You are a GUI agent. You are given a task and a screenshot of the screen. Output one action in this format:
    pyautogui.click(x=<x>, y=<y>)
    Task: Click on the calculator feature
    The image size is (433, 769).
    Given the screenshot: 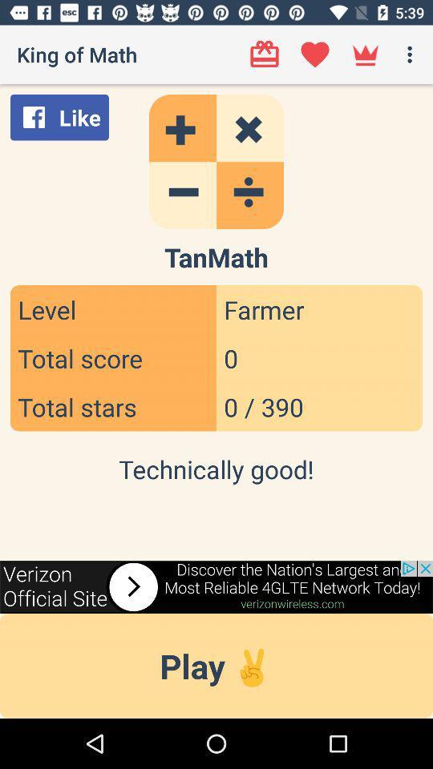 What is the action you would take?
    pyautogui.click(x=216, y=162)
    